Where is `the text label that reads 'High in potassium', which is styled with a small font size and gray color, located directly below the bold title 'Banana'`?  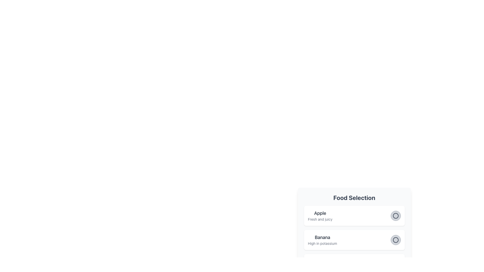
the text label that reads 'High in potassium', which is styled with a small font size and gray color, located directly below the bold title 'Banana' is located at coordinates (322, 243).